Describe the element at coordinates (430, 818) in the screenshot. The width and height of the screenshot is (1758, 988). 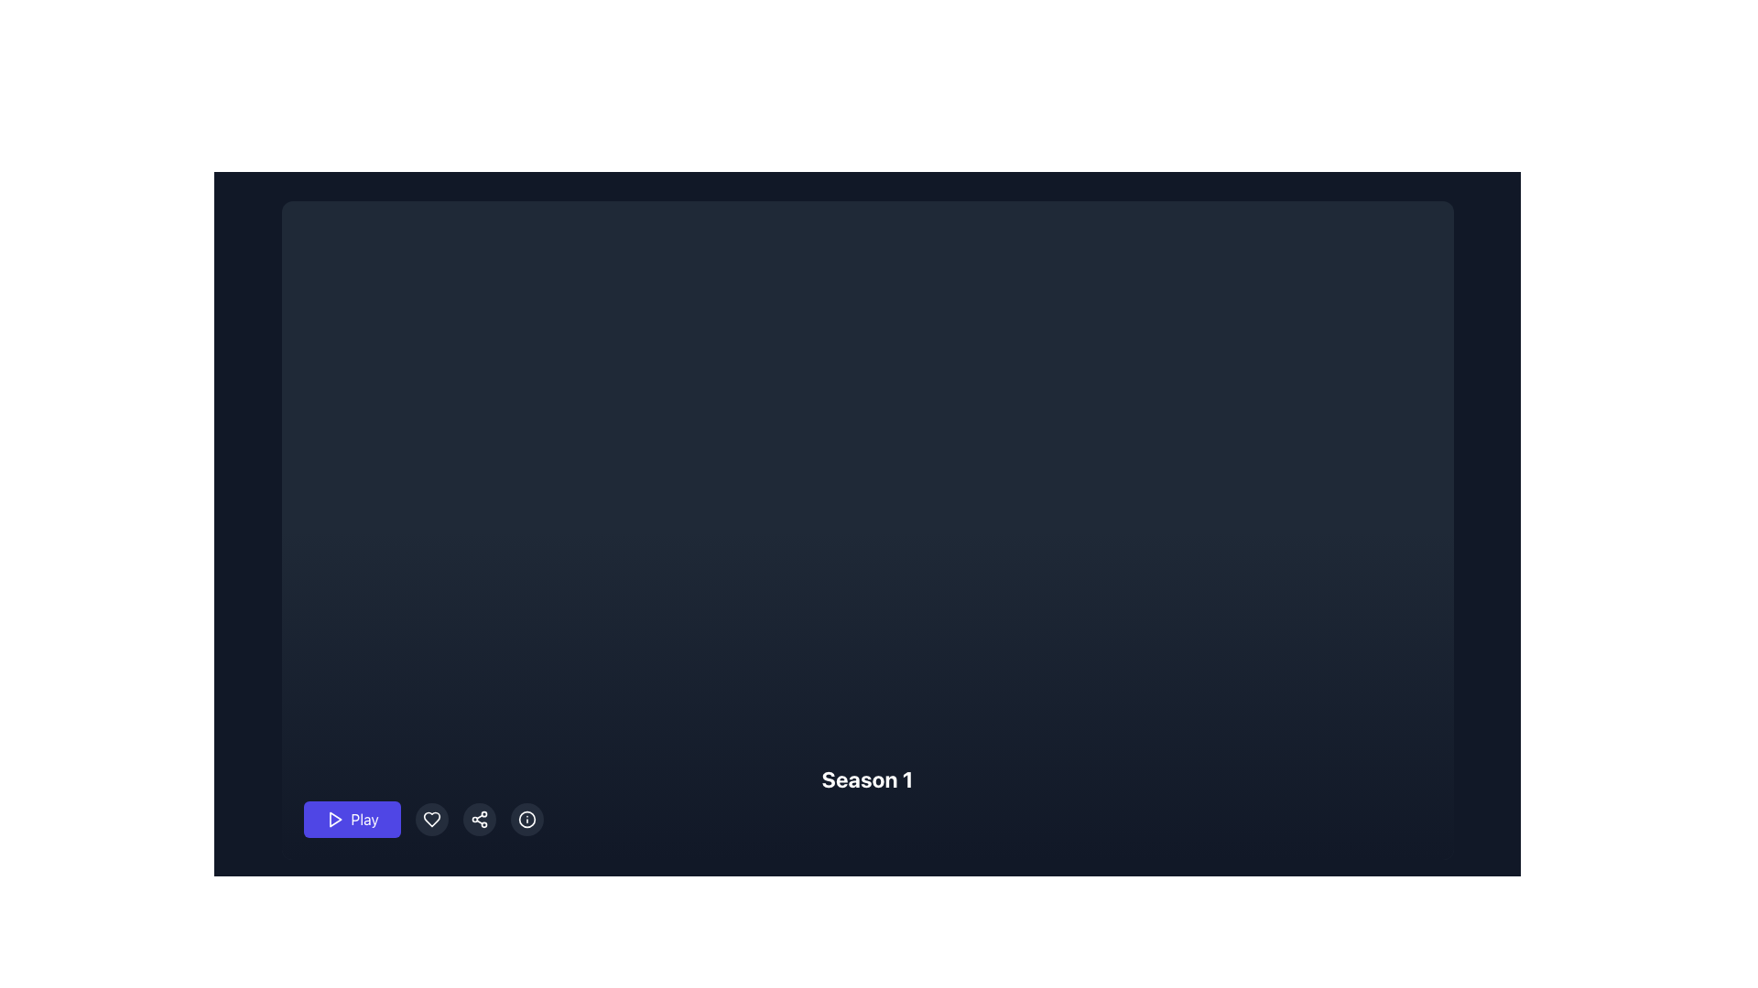
I see `the second button from the left in the bottom left section of the interface to mark the content as a favorite` at that location.